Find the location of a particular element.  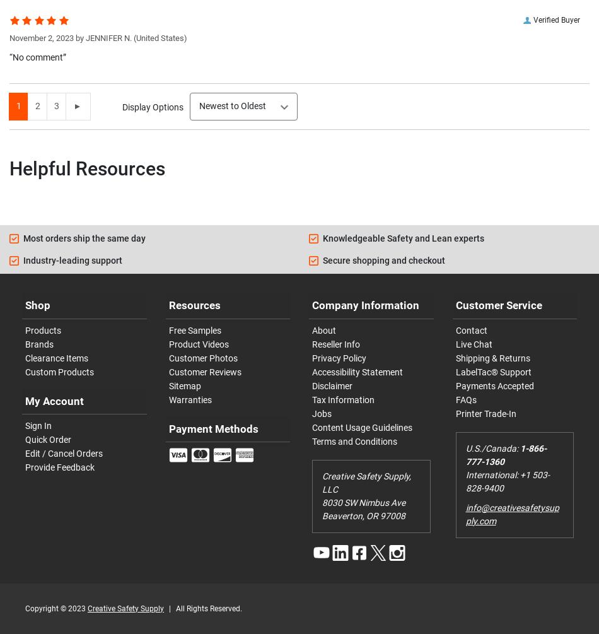

'Shipping & Returns' is located at coordinates (491, 357).